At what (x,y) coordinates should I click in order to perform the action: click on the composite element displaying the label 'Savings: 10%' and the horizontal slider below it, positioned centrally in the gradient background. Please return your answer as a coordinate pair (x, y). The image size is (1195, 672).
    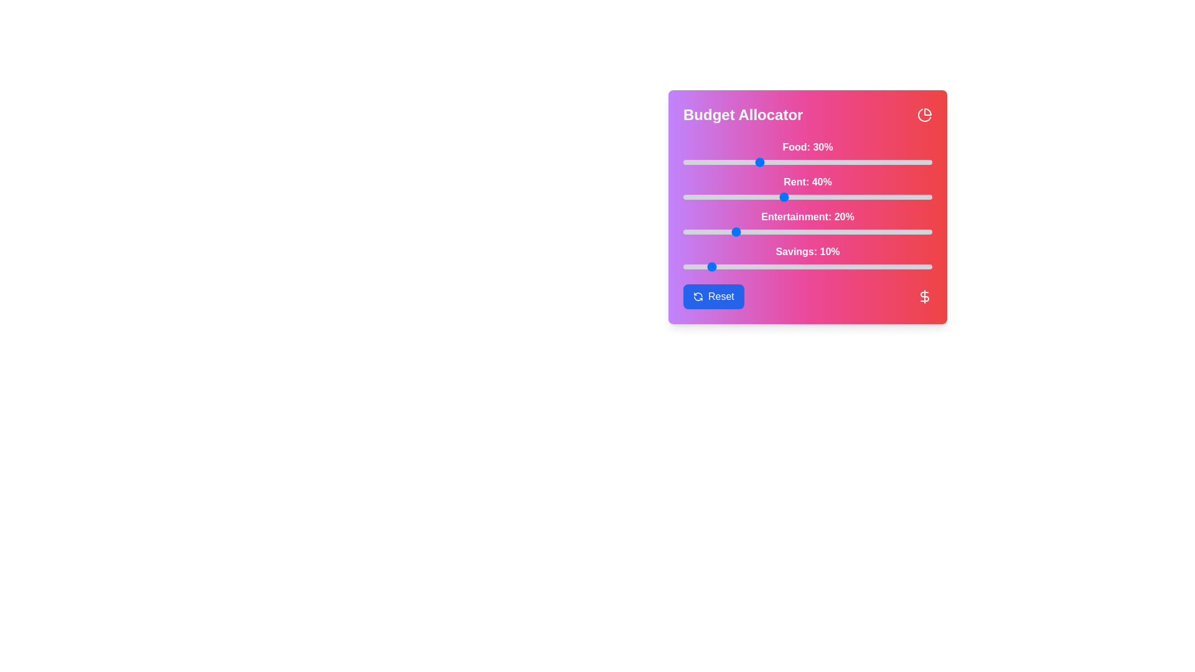
    Looking at the image, I should click on (807, 256).